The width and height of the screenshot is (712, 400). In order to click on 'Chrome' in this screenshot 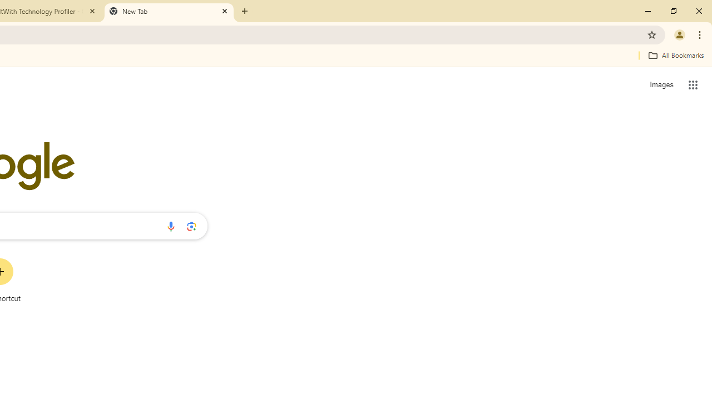, I will do `click(700, 34)`.